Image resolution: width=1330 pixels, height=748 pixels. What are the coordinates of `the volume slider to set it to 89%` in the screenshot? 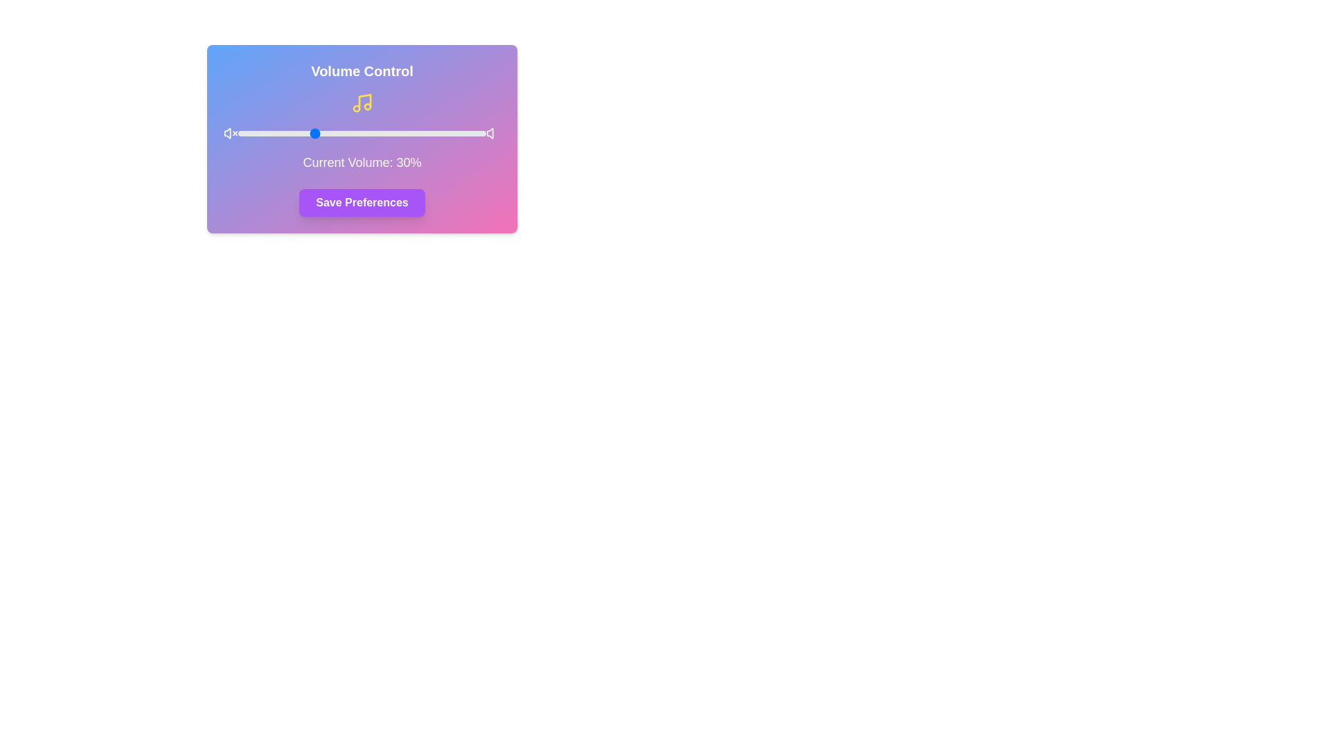 It's located at (458, 133).